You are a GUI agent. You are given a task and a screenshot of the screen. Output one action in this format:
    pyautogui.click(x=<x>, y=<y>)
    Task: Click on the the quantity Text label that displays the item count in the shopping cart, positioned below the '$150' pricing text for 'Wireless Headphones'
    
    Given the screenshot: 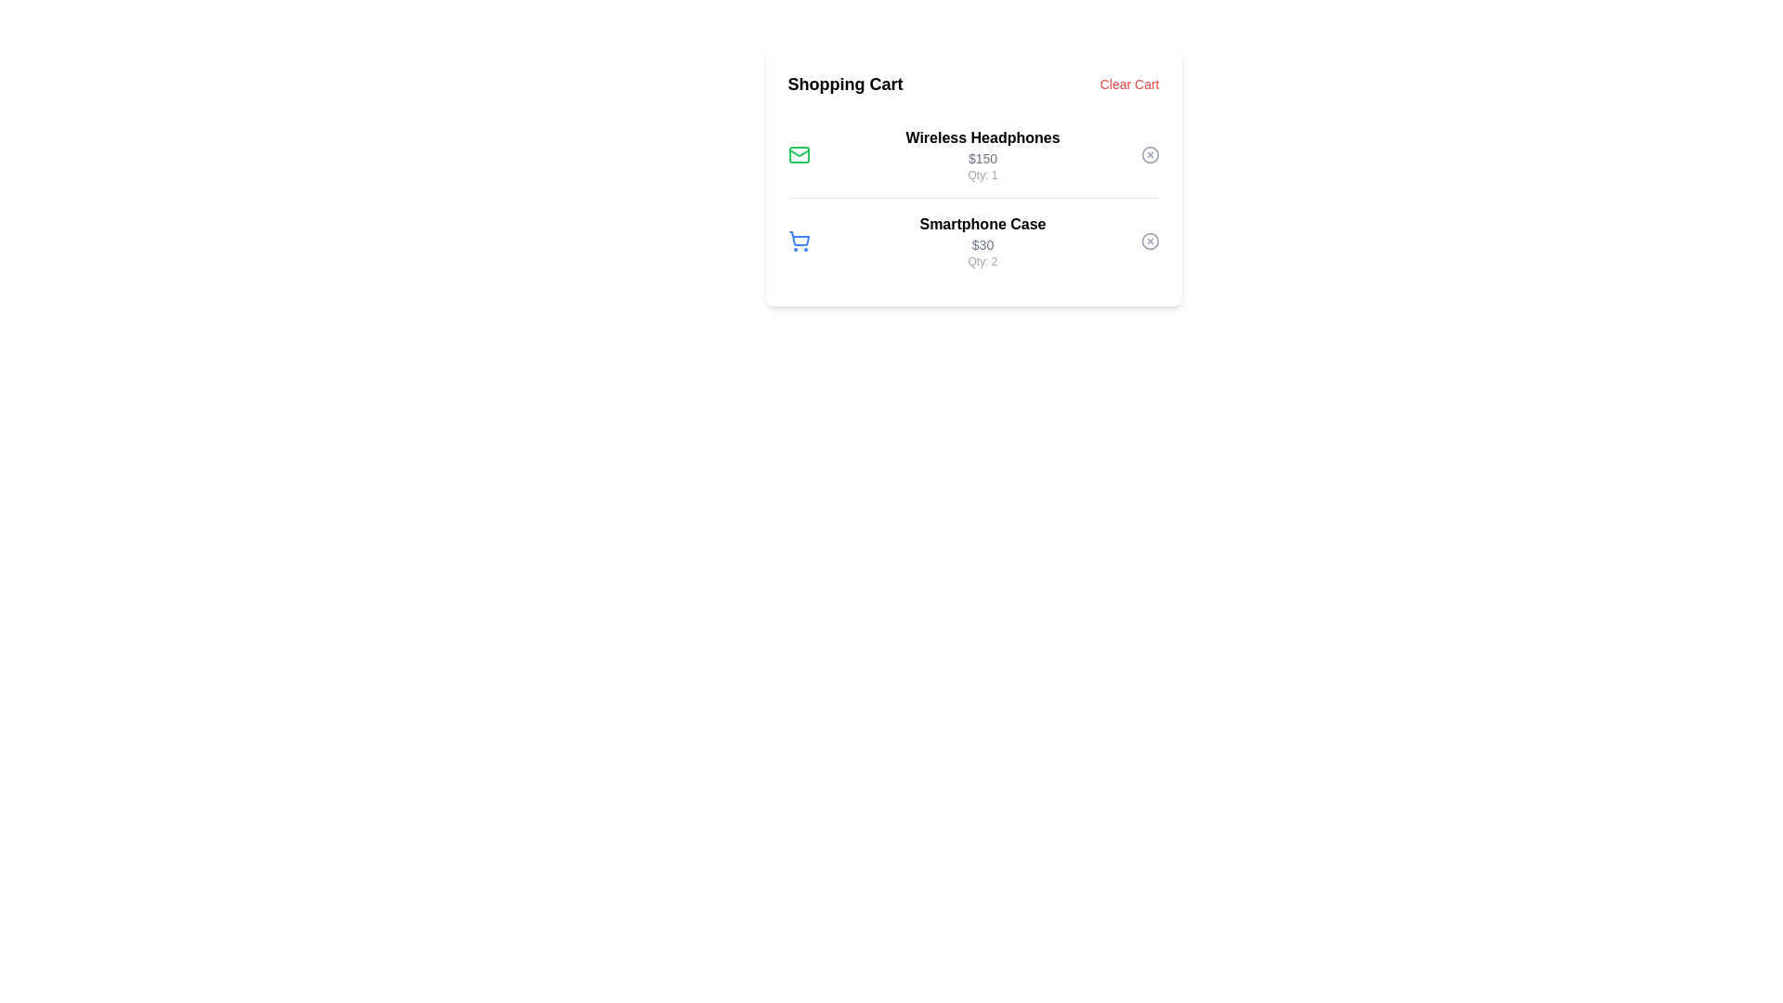 What is the action you would take?
    pyautogui.click(x=982, y=176)
    